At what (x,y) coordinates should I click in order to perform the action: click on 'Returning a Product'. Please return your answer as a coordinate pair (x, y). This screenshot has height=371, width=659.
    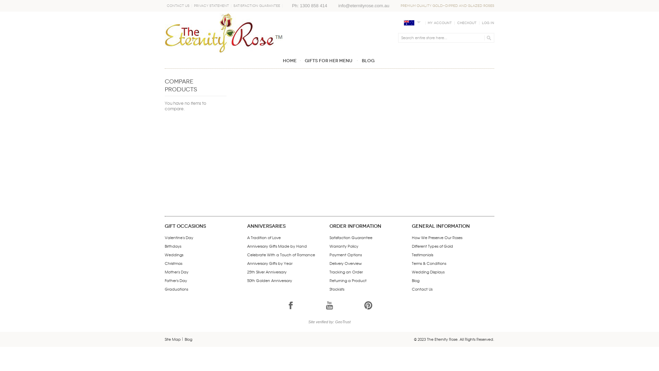
    Looking at the image, I should click on (348, 280).